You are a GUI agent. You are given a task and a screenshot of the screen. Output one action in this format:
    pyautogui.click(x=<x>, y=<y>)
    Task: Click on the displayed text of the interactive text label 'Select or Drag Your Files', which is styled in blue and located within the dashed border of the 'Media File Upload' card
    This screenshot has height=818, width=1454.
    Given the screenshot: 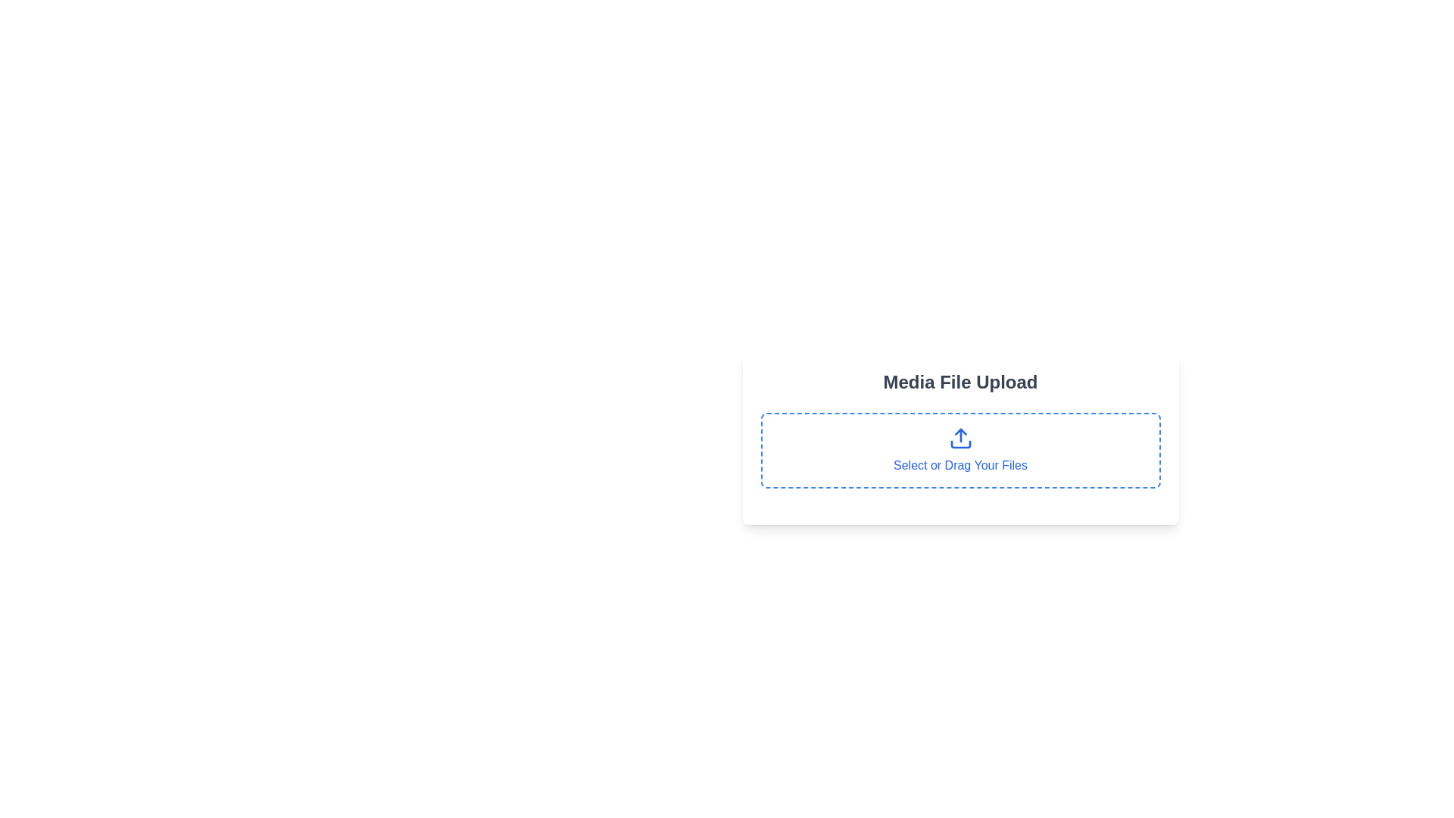 What is the action you would take?
    pyautogui.click(x=959, y=464)
    